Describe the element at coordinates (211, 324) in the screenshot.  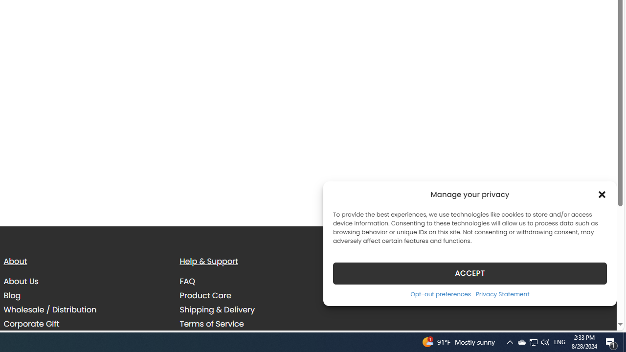
I see `'Terms of Service'` at that location.